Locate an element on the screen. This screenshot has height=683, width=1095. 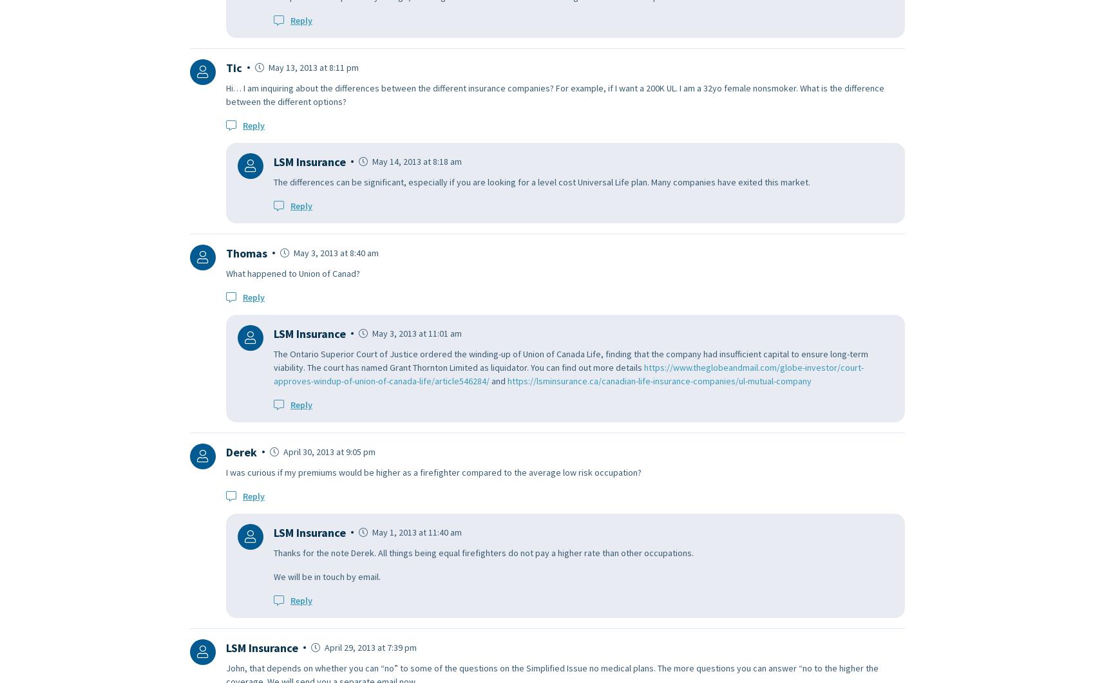
'April 29, 2013 at 7:39 pm' is located at coordinates (368, 646).